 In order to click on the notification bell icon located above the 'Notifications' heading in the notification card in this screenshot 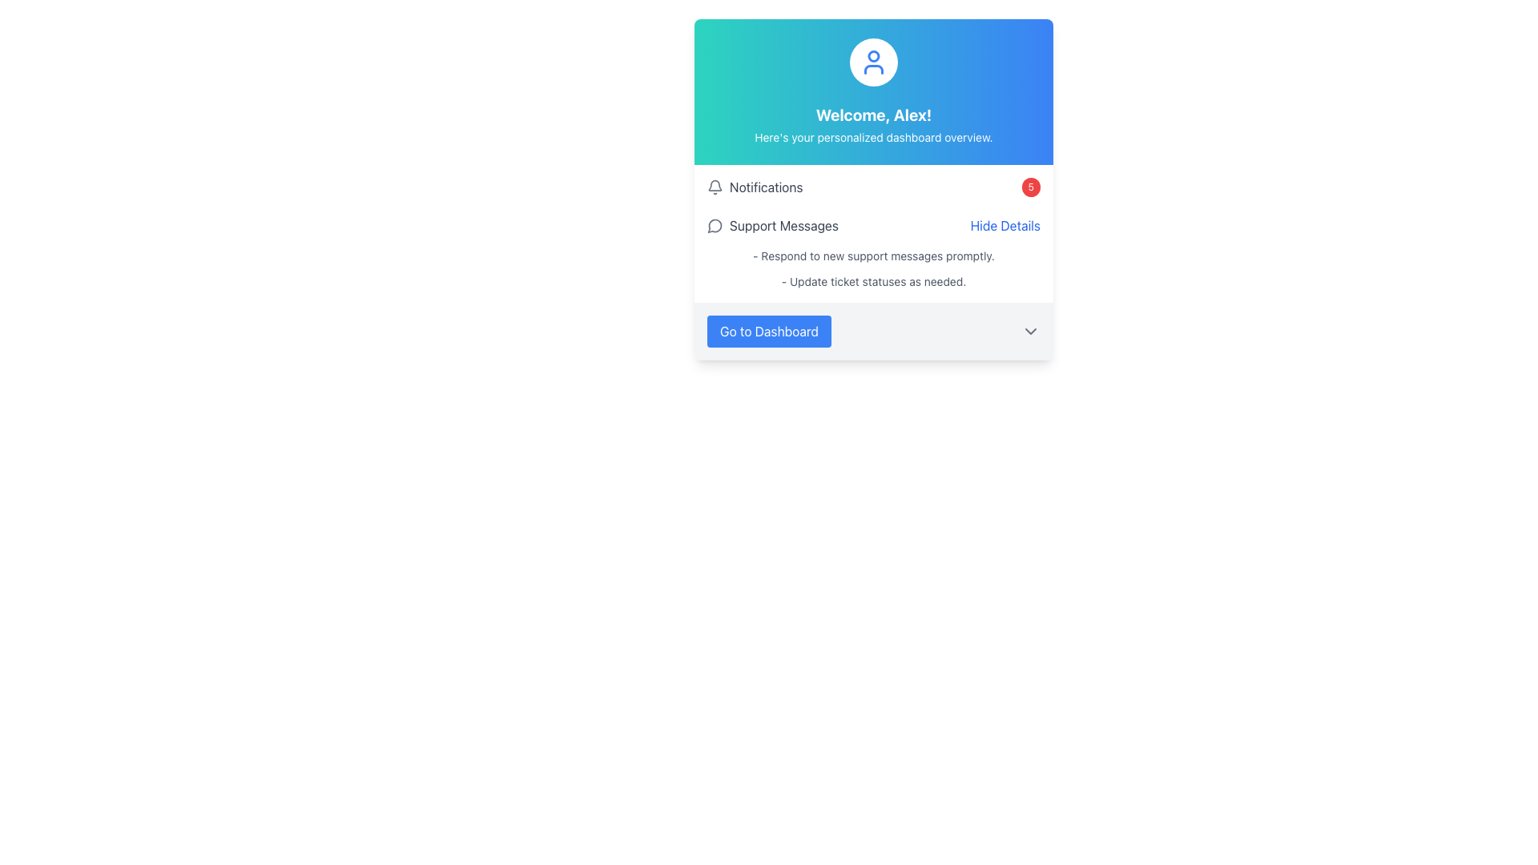, I will do `click(714, 184)`.